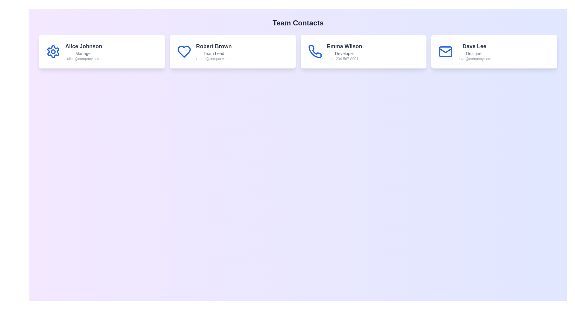 This screenshot has width=575, height=323. I want to click on the triangular envelope flap within the mail icon representing the contact 'Dave Lee' in the rightmost section of the layout, so click(446, 50).